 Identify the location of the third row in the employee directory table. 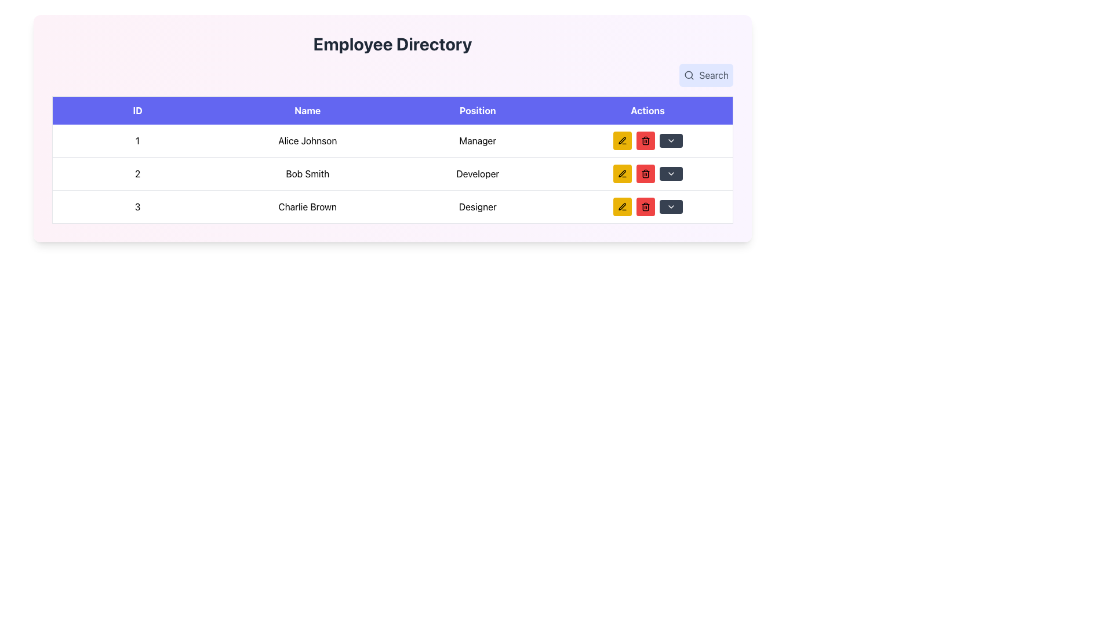
(392, 206).